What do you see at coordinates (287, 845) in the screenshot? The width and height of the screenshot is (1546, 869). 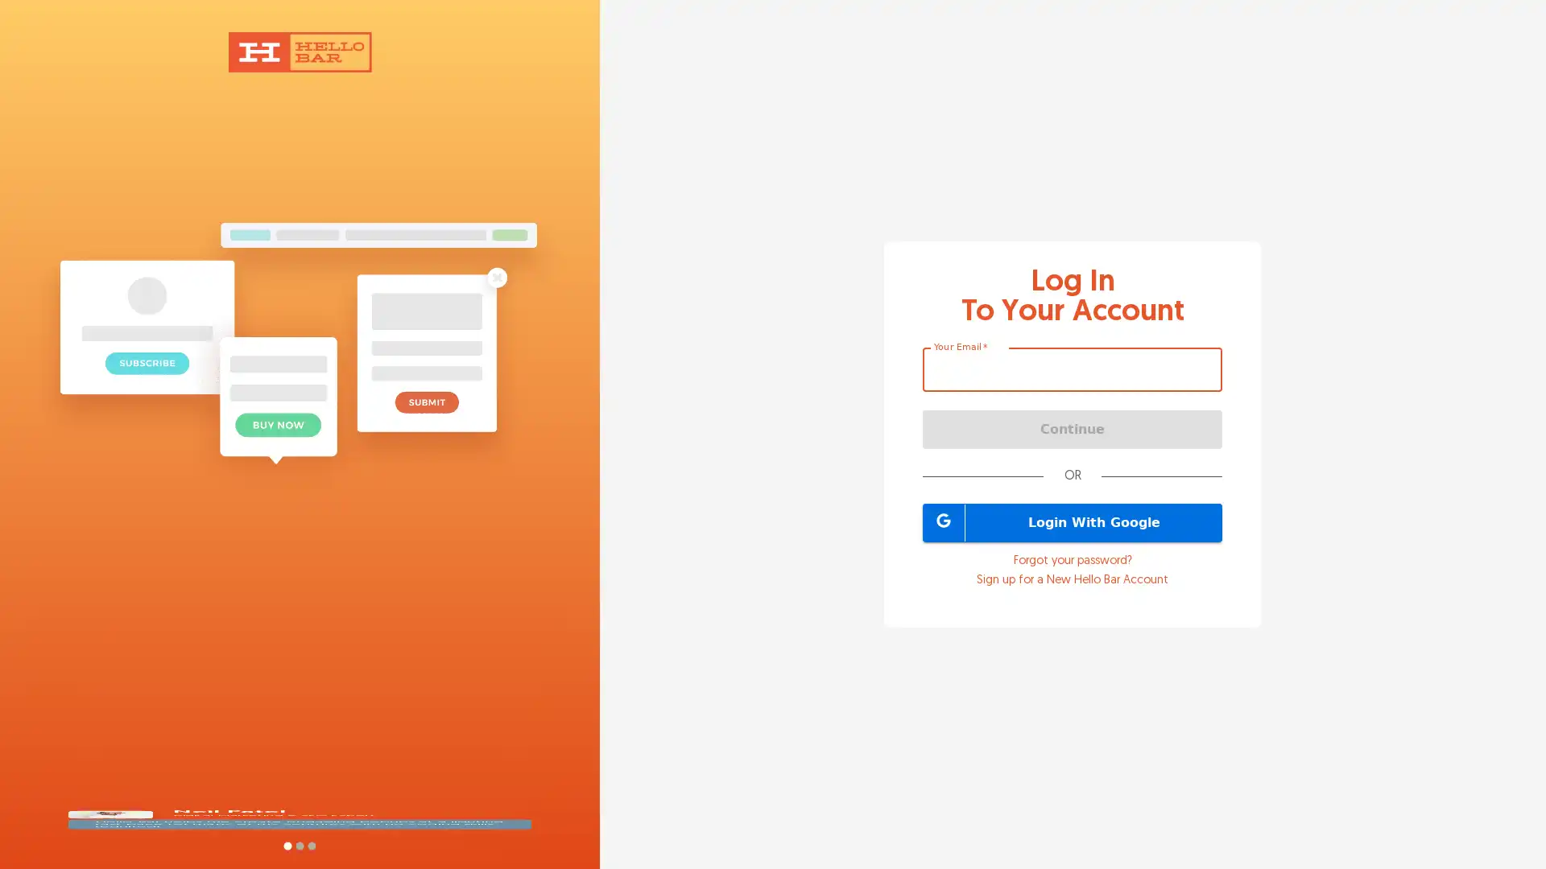 I see `carousel indicator 1` at bounding box center [287, 845].